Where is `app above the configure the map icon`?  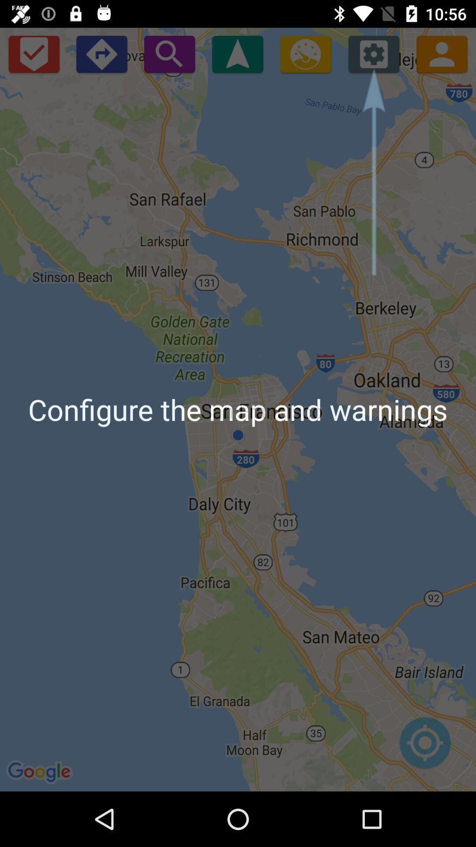 app above the configure the map icon is located at coordinates (169, 53).